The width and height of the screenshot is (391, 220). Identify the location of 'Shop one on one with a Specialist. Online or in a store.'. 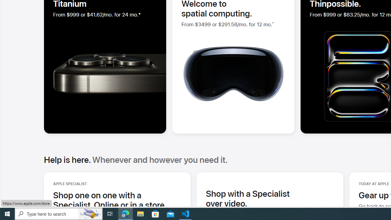
(117, 200).